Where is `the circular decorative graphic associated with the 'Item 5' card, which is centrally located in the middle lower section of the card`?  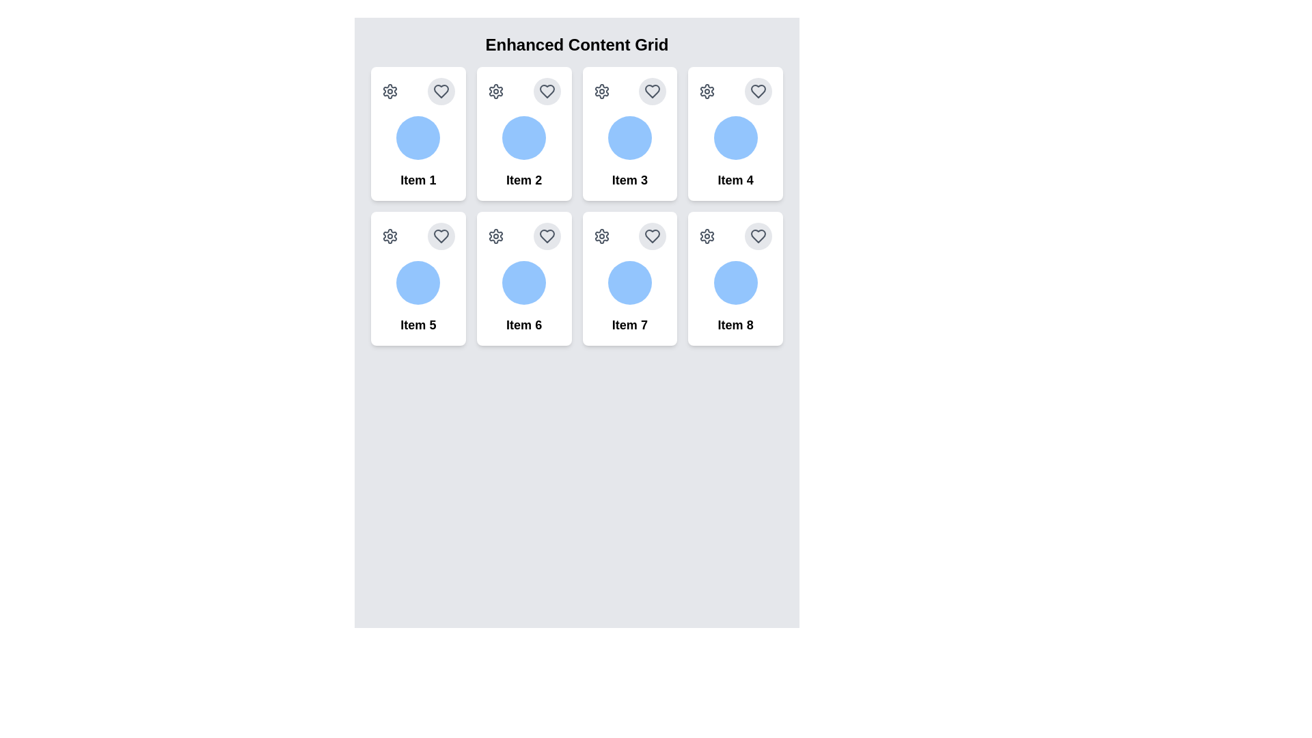
the circular decorative graphic associated with the 'Item 5' card, which is centrally located in the middle lower section of the card is located at coordinates (418, 282).